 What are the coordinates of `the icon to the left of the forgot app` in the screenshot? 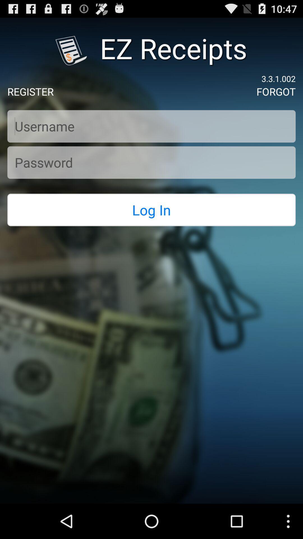 It's located at (30, 92).